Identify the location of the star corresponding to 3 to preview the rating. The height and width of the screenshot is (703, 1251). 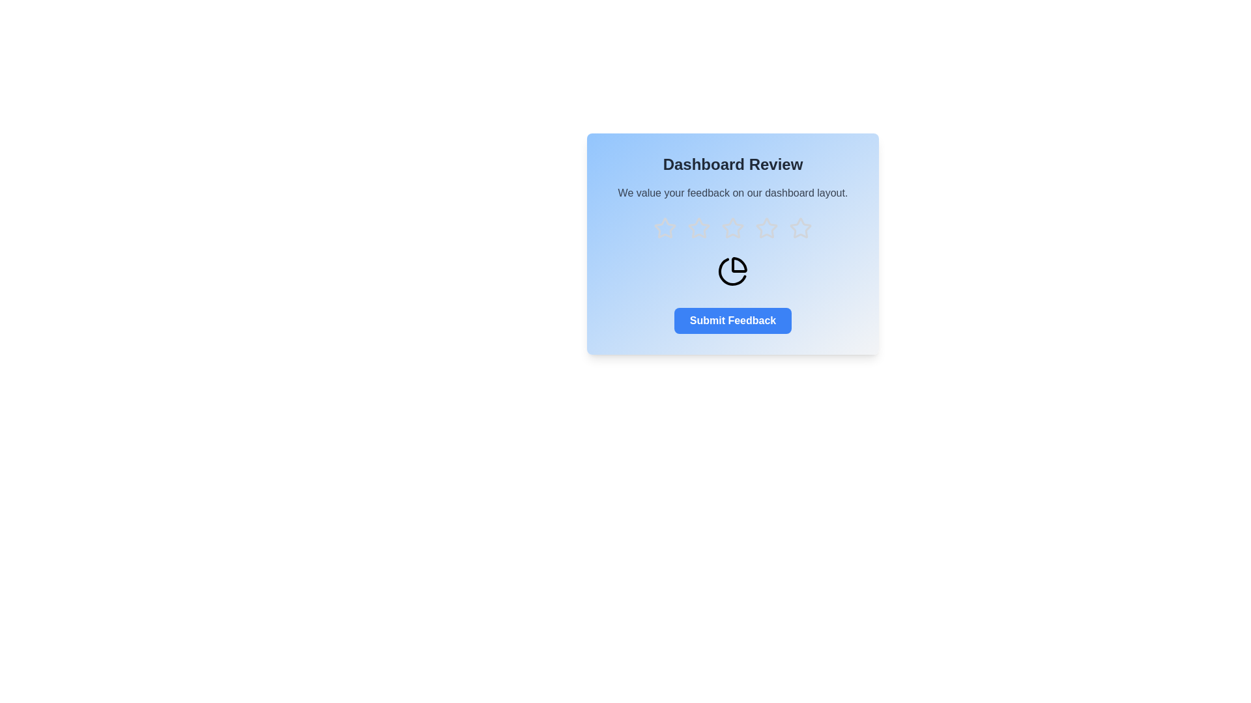
(732, 228).